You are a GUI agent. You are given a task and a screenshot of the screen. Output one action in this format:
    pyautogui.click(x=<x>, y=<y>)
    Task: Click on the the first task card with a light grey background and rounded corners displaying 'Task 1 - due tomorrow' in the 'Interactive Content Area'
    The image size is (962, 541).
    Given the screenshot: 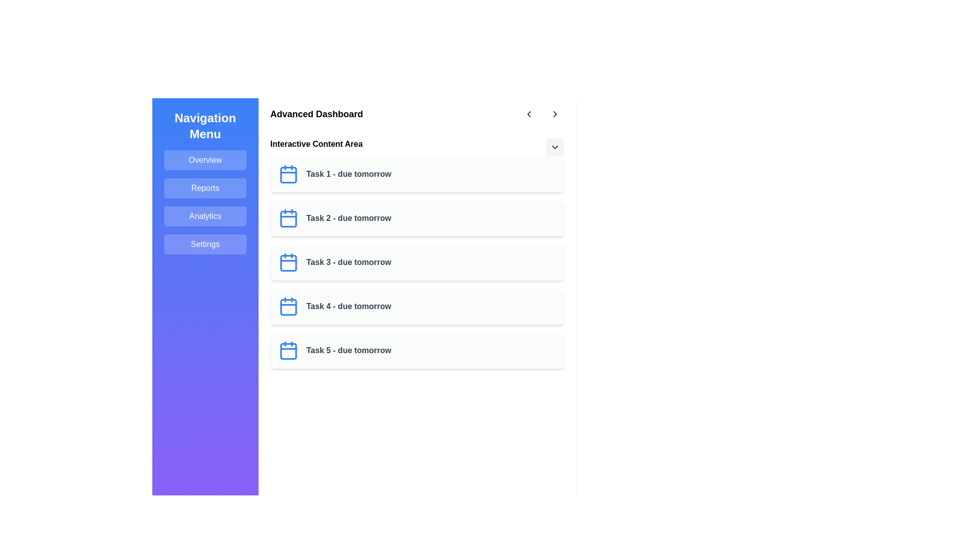 What is the action you would take?
    pyautogui.click(x=417, y=173)
    